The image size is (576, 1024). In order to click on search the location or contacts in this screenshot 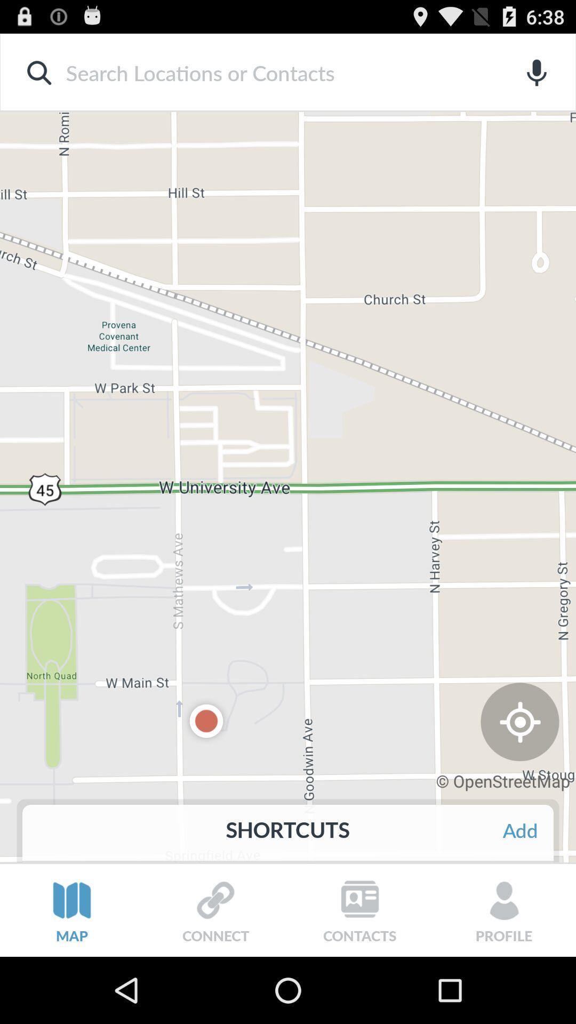, I will do `click(270, 72)`.